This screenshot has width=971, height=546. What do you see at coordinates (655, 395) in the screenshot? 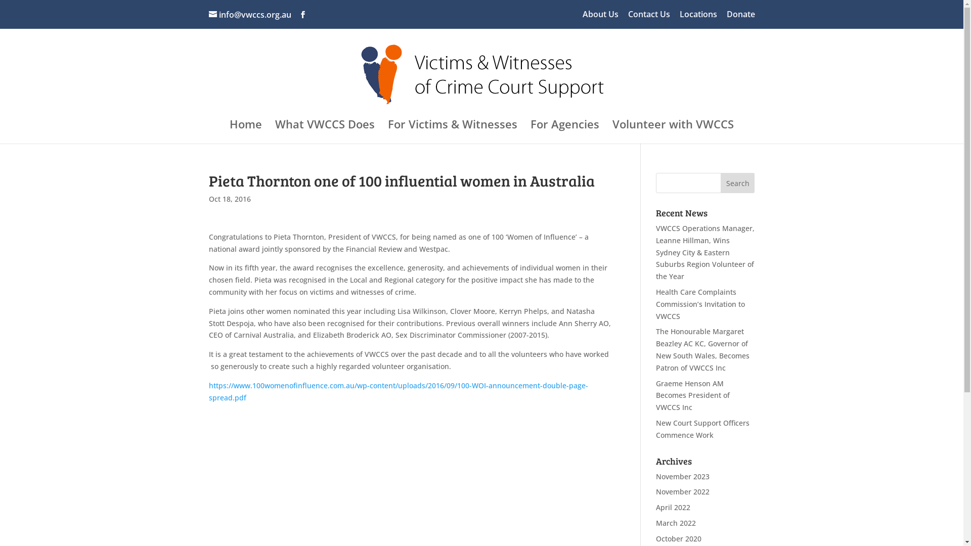
I see `'Graeme Henson AM Becomes President of VWCCS Inc'` at bounding box center [655, 395].